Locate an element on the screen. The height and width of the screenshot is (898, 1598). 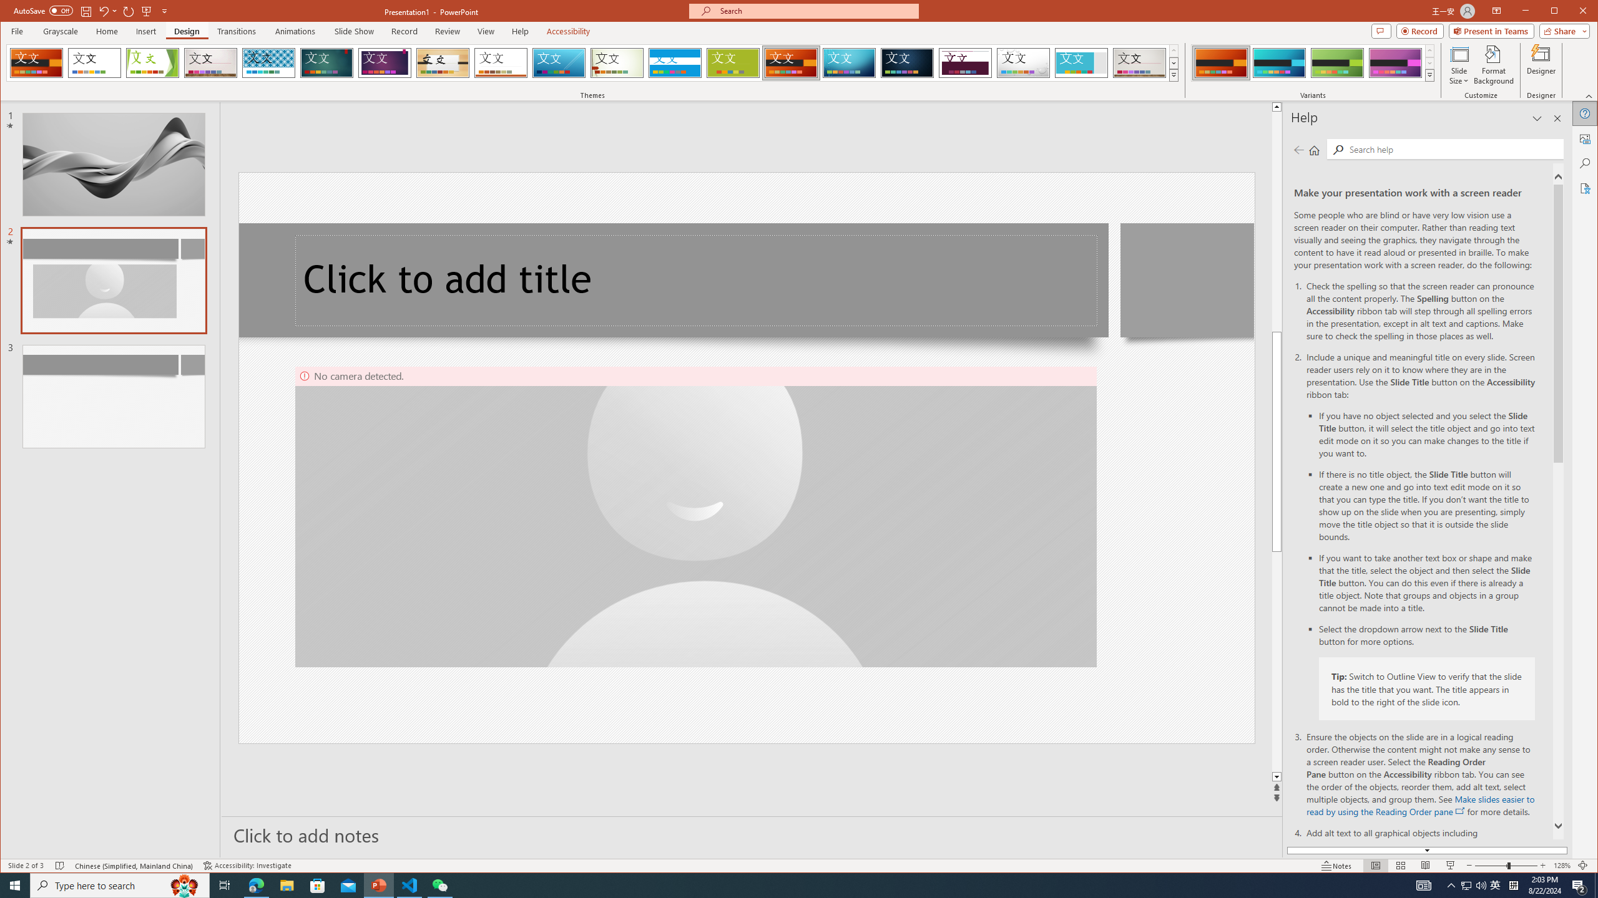
'Basis' is located at coordinates (733, 62).